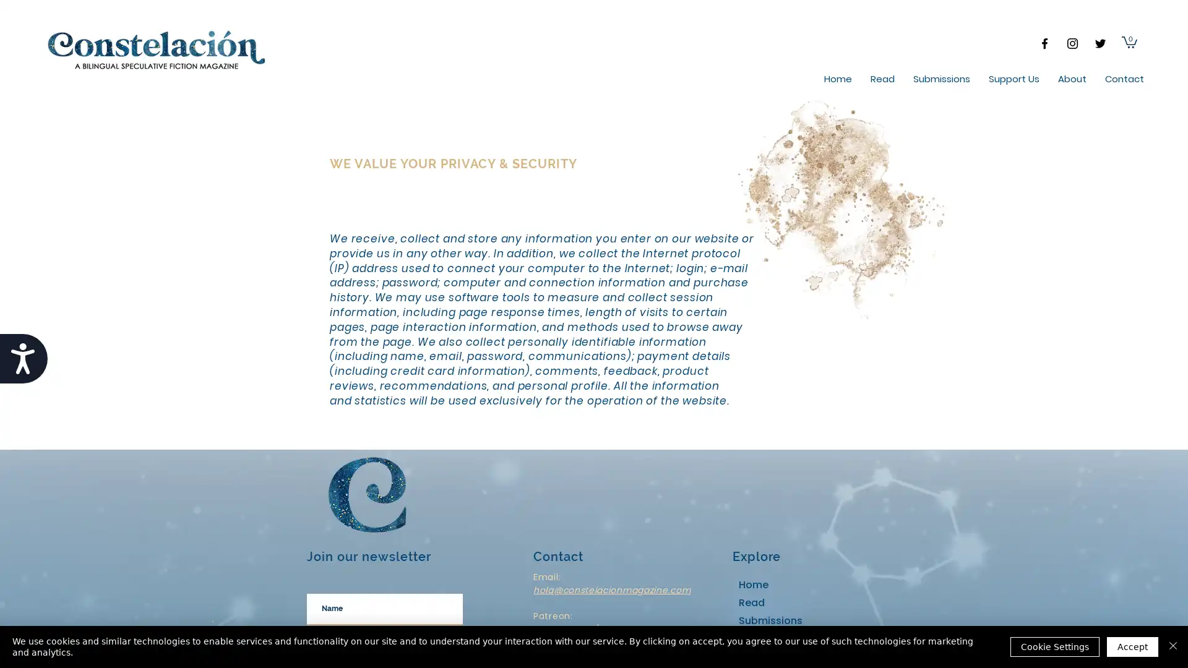 The width and height of the screenshot is (1188, 668). Describe the element at coordinates (1054, 646) in the screenshot. I see `Cookie Settings` at that location.